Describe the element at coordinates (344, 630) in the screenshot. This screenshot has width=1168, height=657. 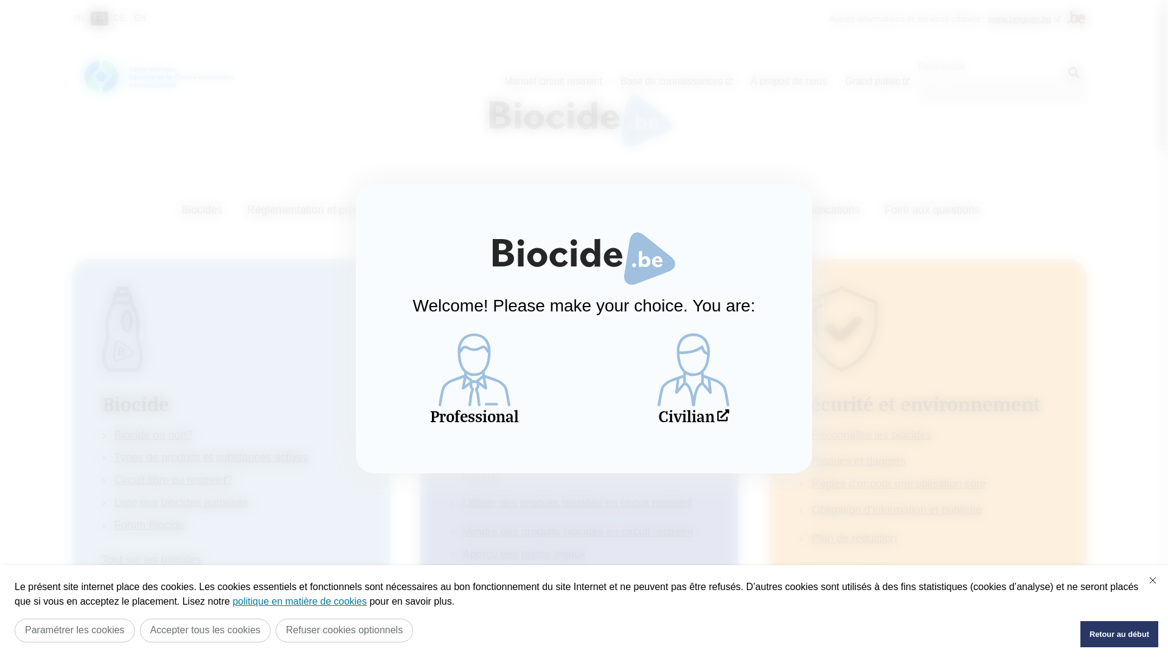
I see `'Refuser cookies optionnels'` at that location.